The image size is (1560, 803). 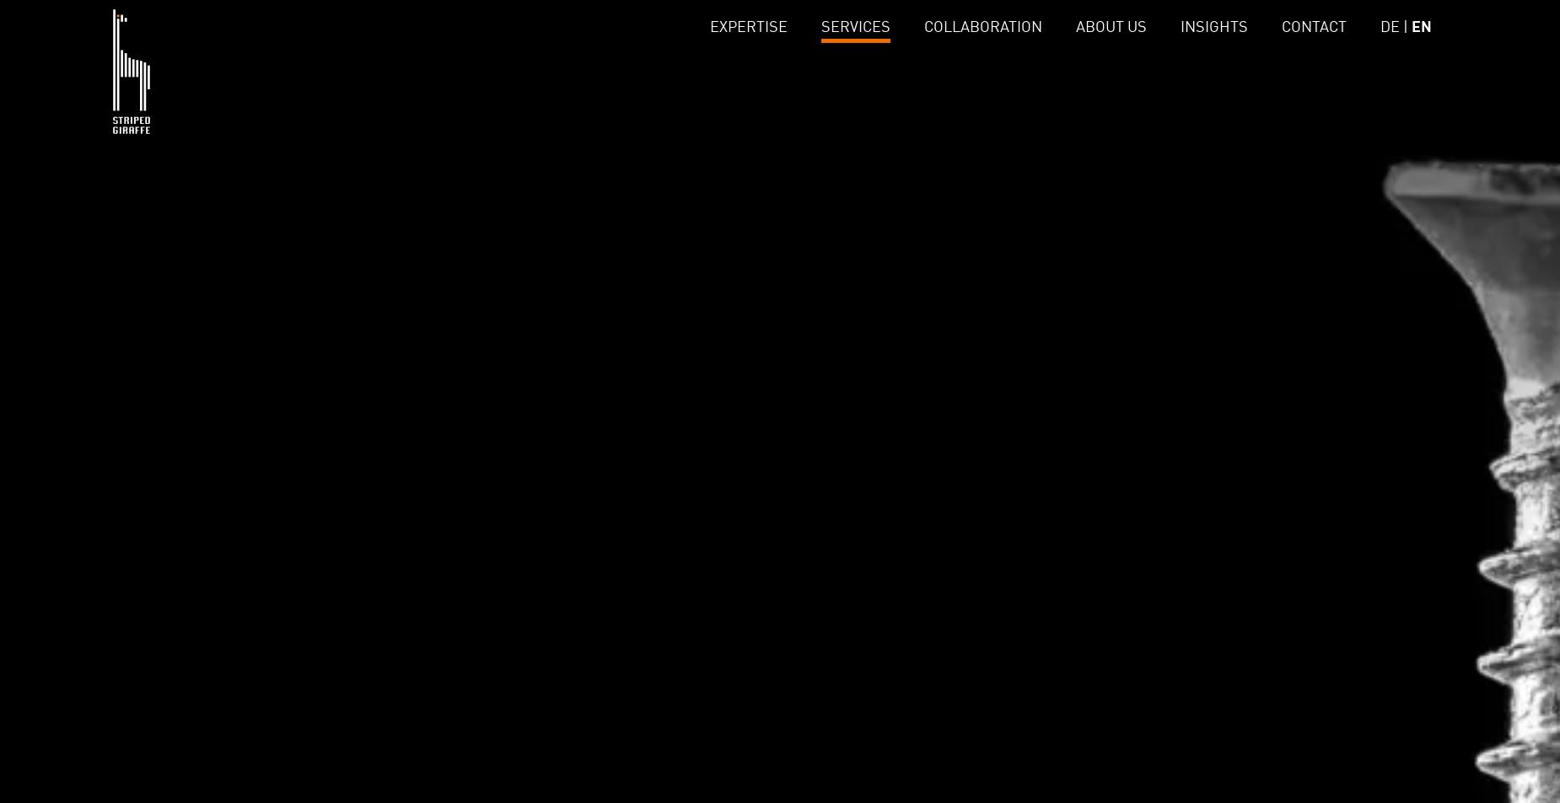 What do you see at coordinates (981, 26) in the screenshot?
I see `'Collaboration'` at bounding box center [981, 26].